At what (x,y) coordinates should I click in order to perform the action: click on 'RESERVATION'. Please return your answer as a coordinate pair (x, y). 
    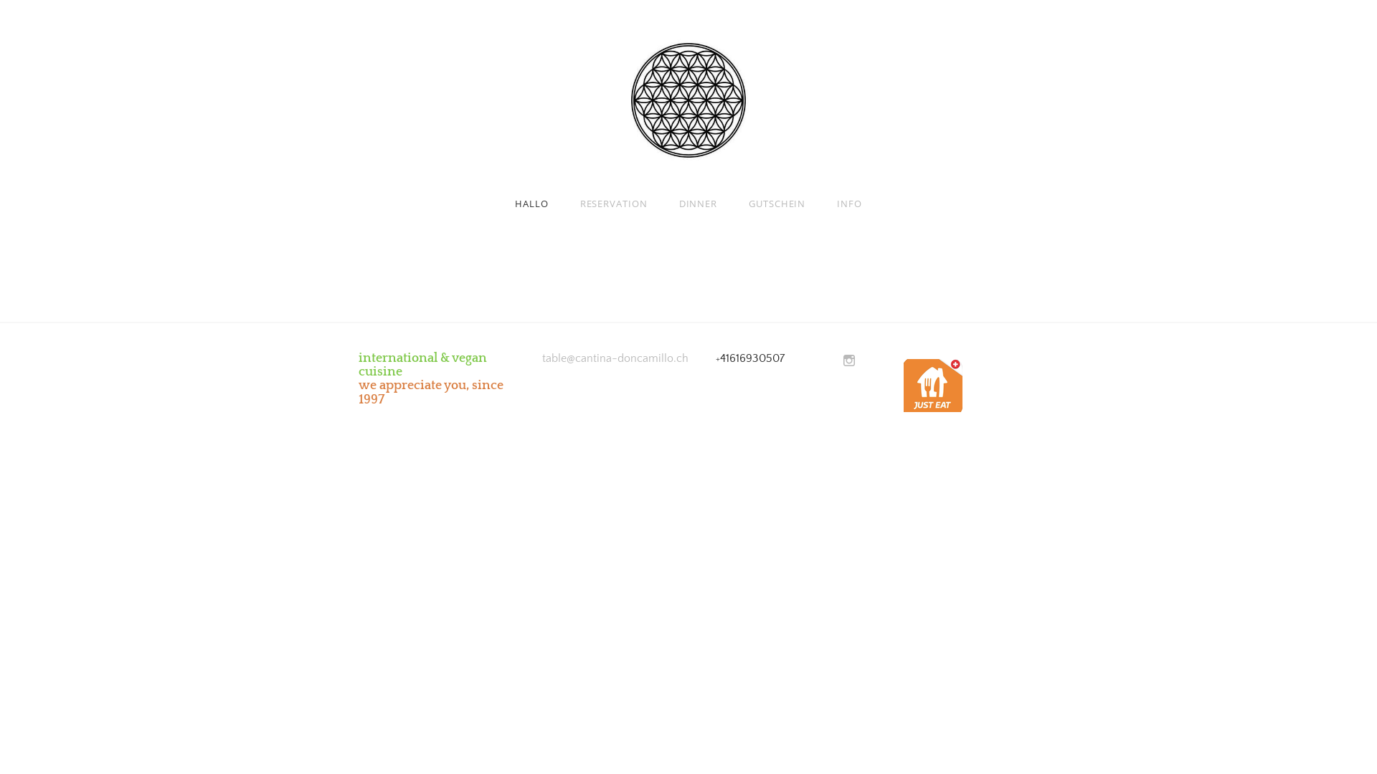
    Looking at the image, I should click on (613, 204).